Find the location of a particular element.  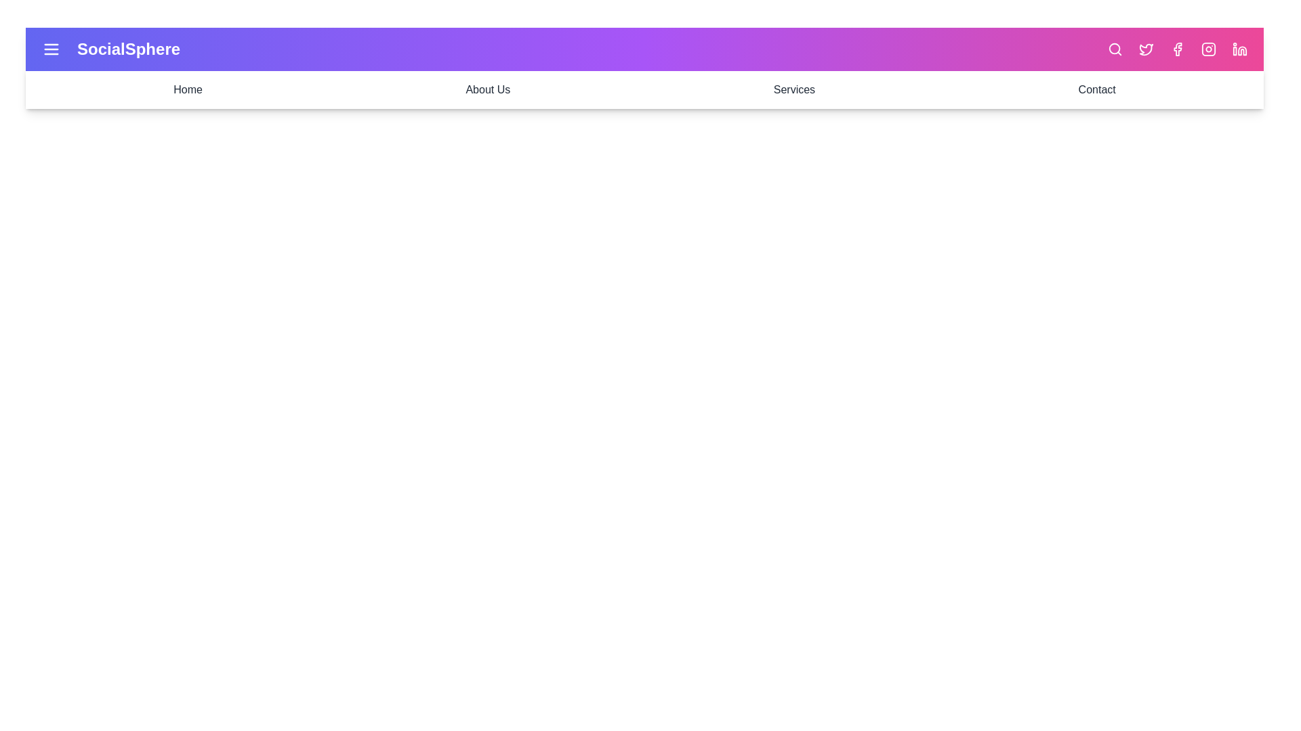

the menu option Contact from the navigation bar is located at coordinates (1097, 89).